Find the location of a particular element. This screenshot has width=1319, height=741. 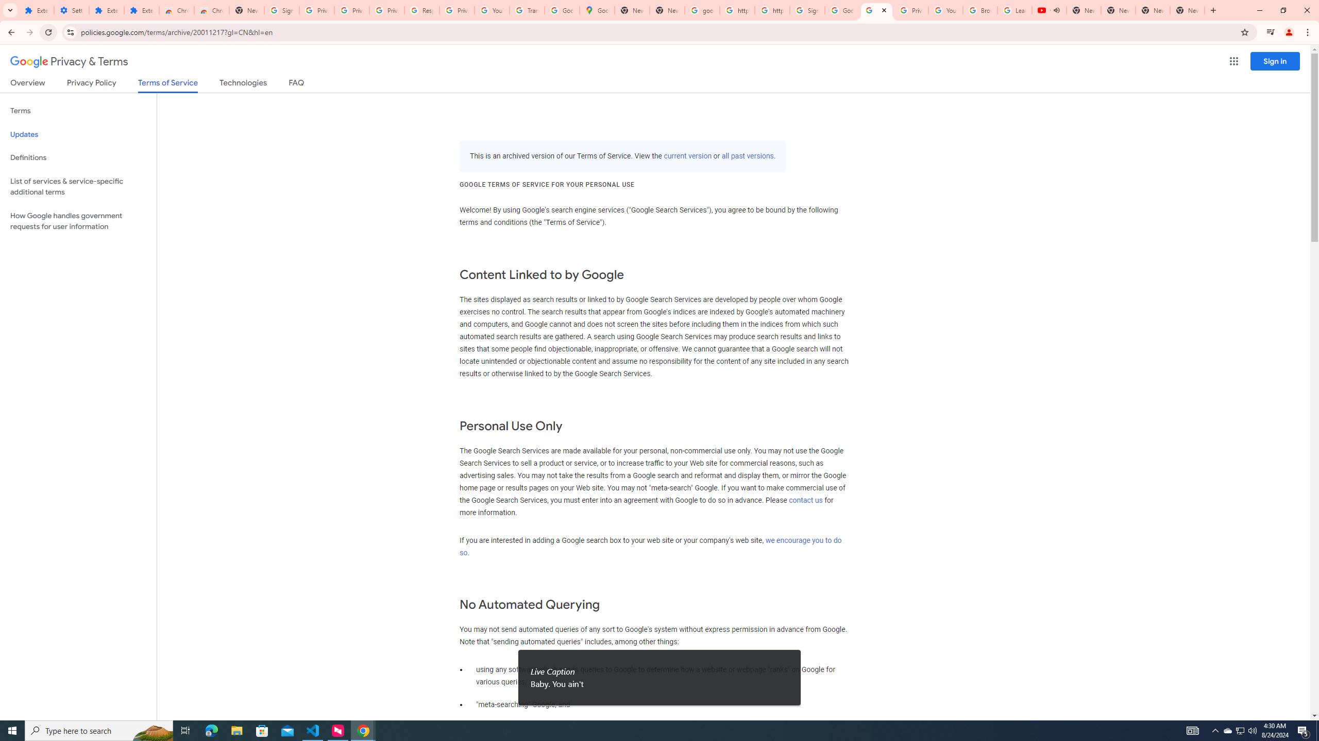

'Chrome Web Store - Themes' is located at coordinates (211, 10).